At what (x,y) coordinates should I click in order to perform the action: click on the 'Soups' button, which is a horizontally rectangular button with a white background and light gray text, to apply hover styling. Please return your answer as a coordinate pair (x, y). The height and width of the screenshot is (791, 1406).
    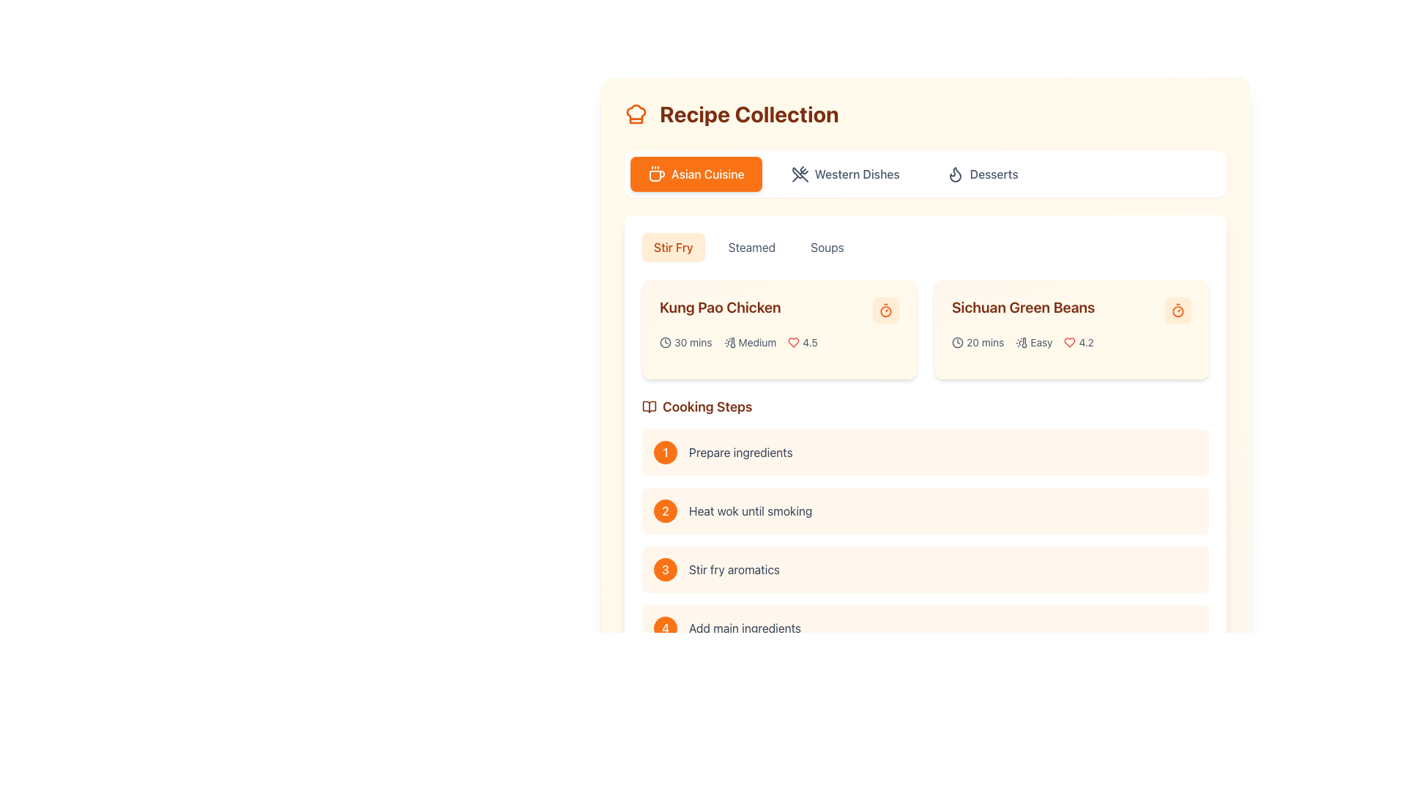
    Looking at the image, I should click on (827, 247).